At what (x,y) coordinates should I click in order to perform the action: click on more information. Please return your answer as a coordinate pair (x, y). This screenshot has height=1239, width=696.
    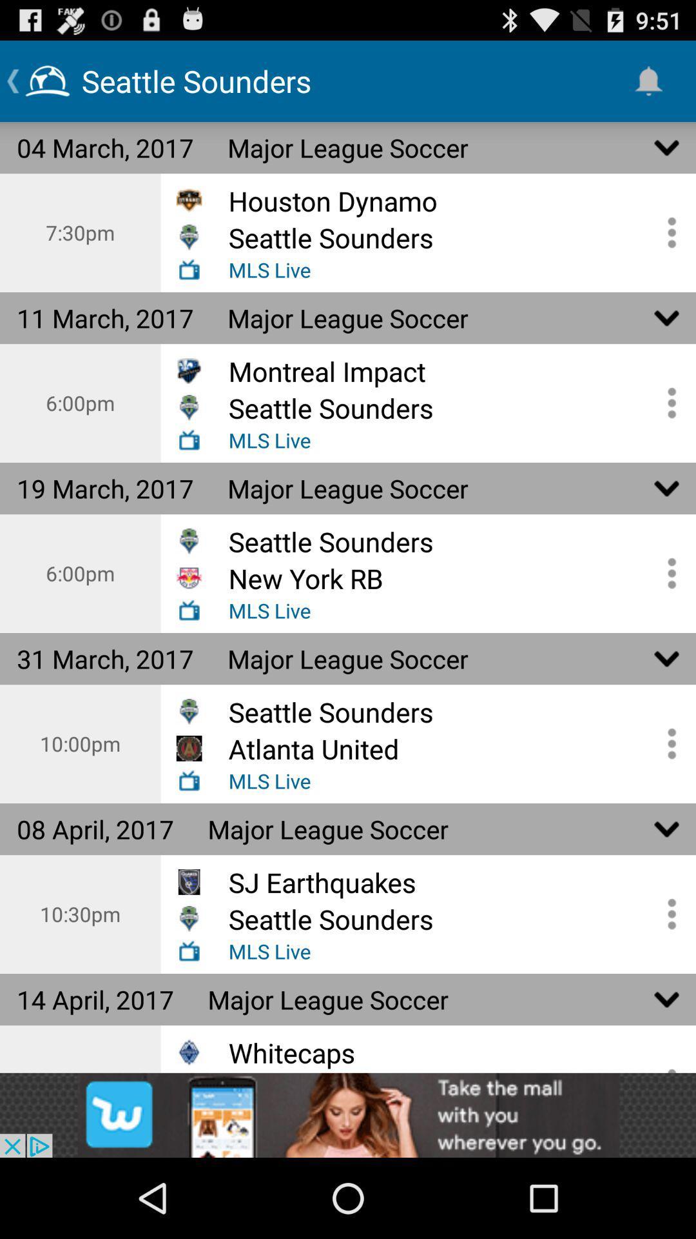
    Looking at the image, I should click on (667, 913).